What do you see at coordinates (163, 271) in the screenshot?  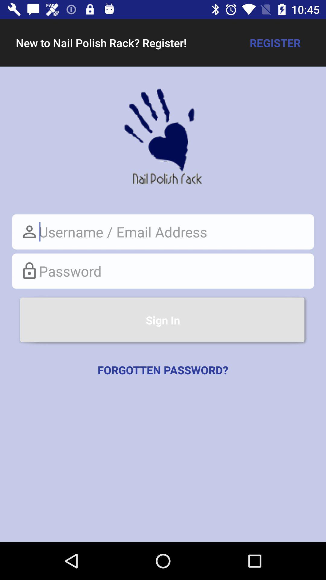 I see `place cursor` at bounding box center [163, 271].